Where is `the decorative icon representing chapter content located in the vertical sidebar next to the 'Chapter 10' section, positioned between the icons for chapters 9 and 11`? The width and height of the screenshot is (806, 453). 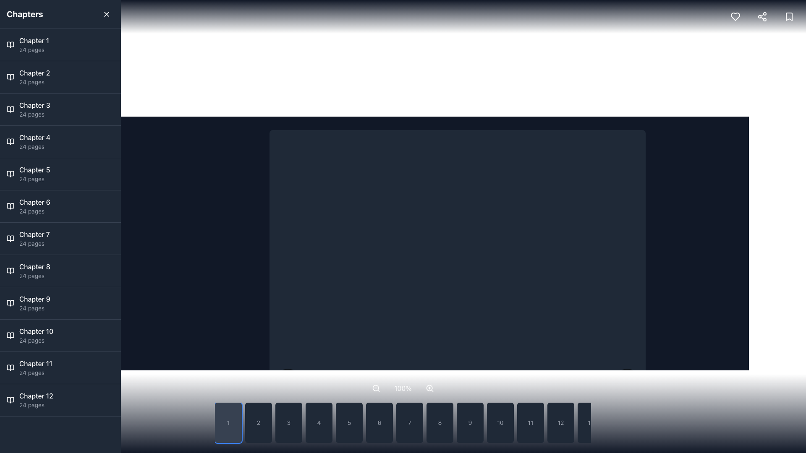 the decorative icon representing chapter content located in the vertical sidebar next to the 'Chapter 10' section, positioned between the icons for chapters 9 and 11 is located at coordinates (10, 335).